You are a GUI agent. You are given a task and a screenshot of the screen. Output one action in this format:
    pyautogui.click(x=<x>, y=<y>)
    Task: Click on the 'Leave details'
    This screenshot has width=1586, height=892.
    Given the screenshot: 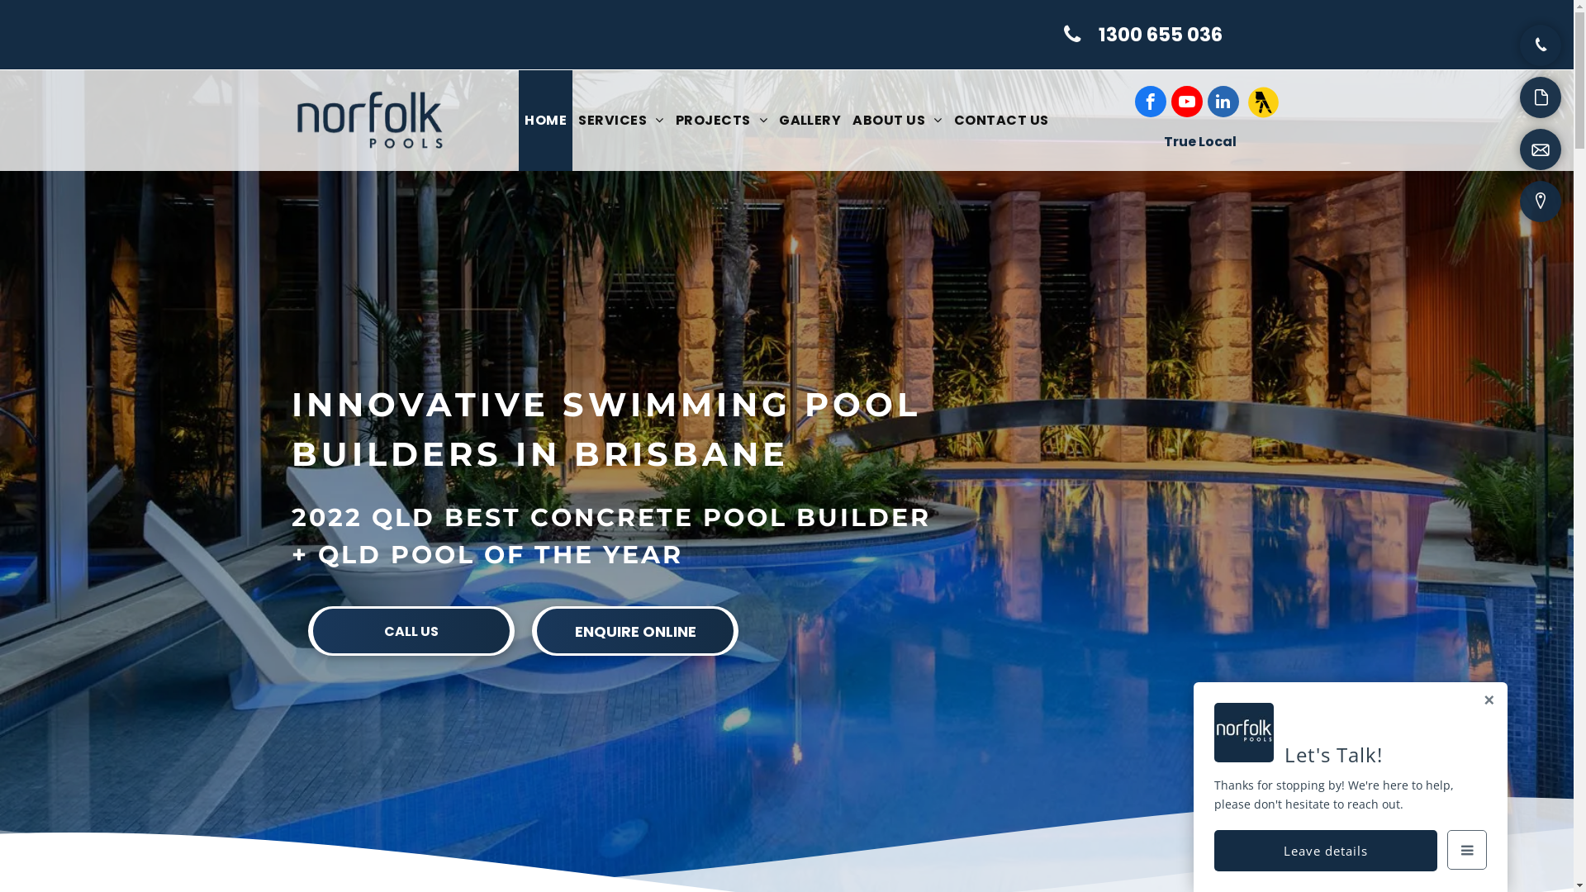 What is the action you would take?
    pyautogui.click(x=1325, y=850)
    